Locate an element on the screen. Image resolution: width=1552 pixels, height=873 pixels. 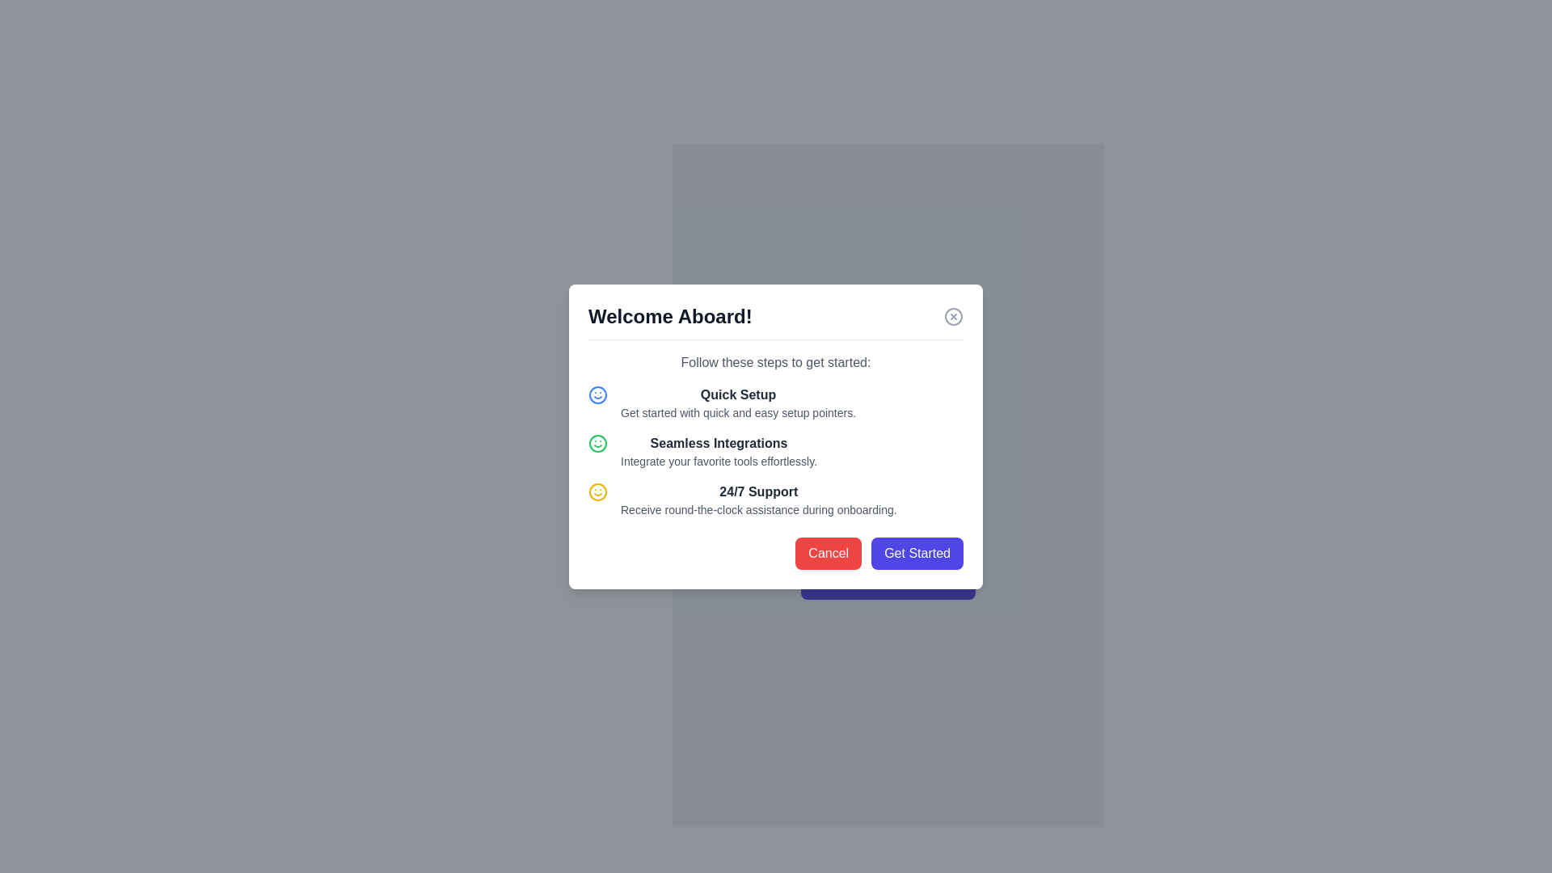
the SVG circle element with a green boundary that is part of the smiley face icon located on the left side of the 'Quick Setup' bullet point is located at coordinates (597, 443).